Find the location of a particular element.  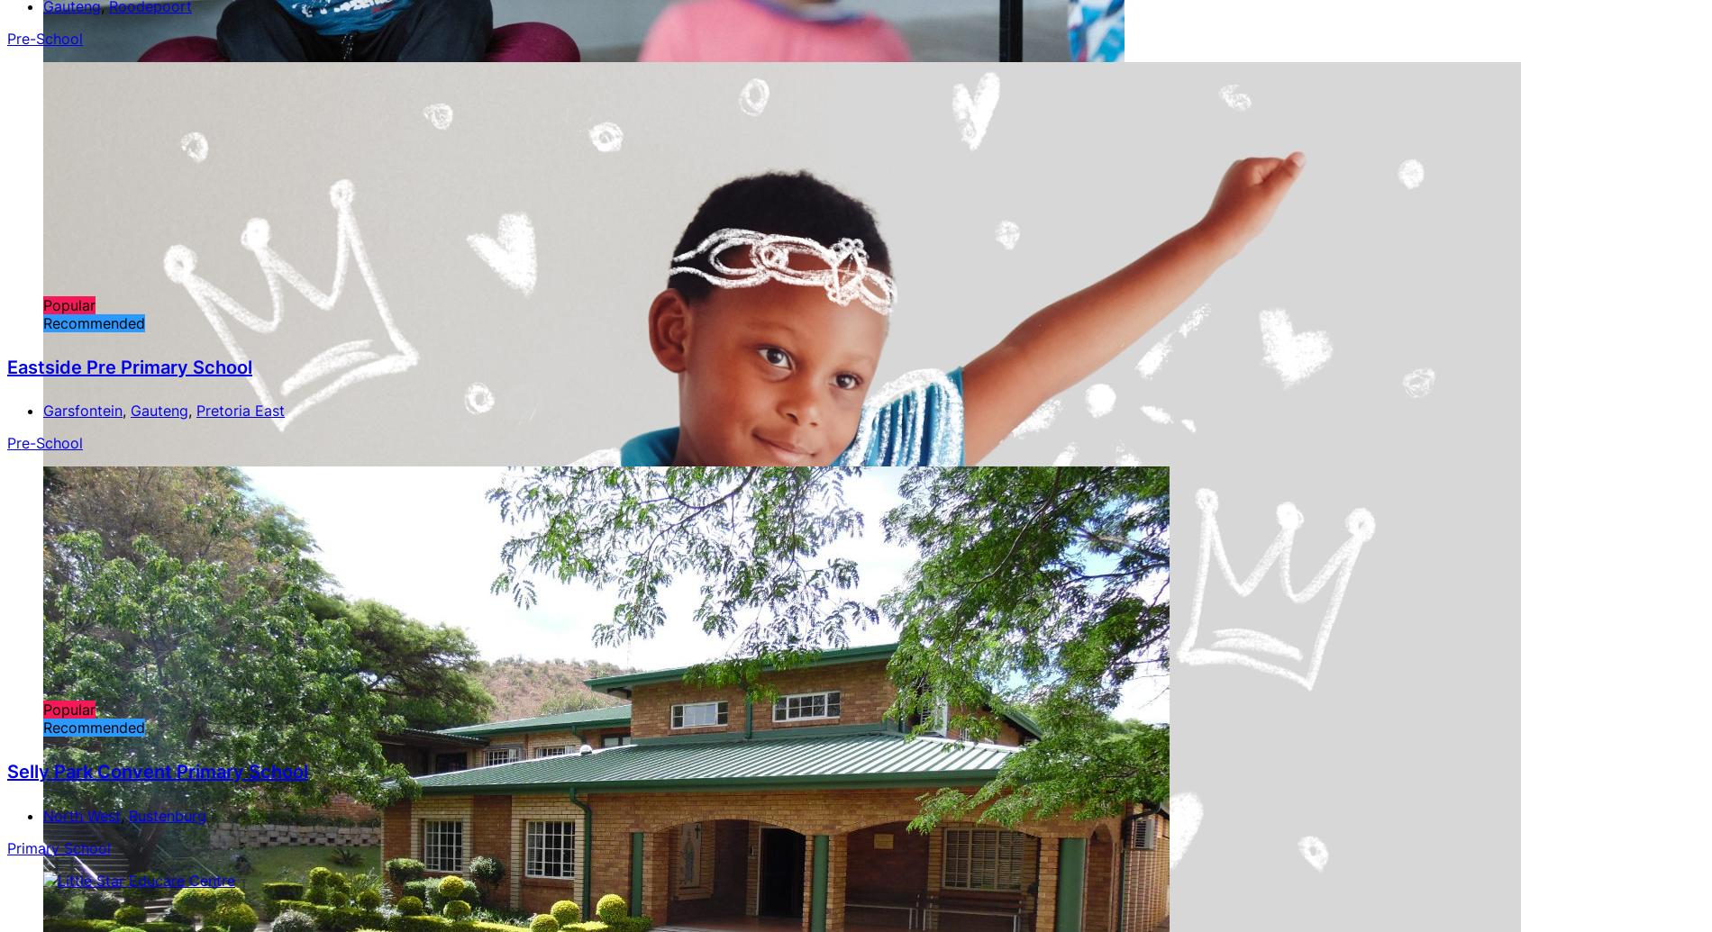

'Pretoria East' is located at coordinates (239, 411).